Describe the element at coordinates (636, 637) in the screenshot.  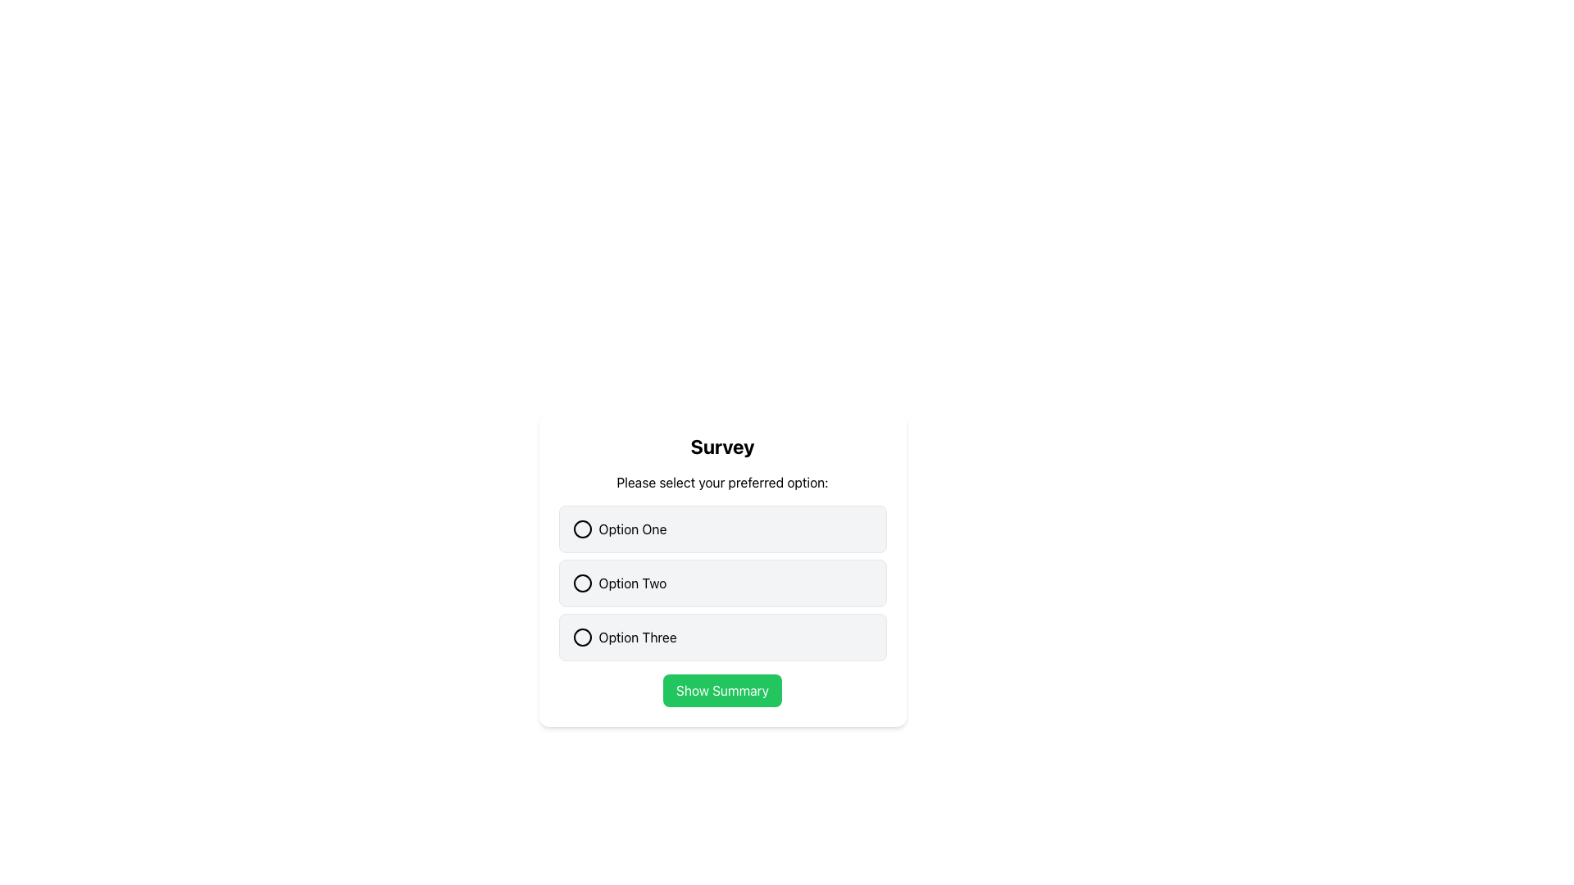
I see `the Text Label that identifies the bottom-most option in a list of three options, located in the center of the interface` at that location.